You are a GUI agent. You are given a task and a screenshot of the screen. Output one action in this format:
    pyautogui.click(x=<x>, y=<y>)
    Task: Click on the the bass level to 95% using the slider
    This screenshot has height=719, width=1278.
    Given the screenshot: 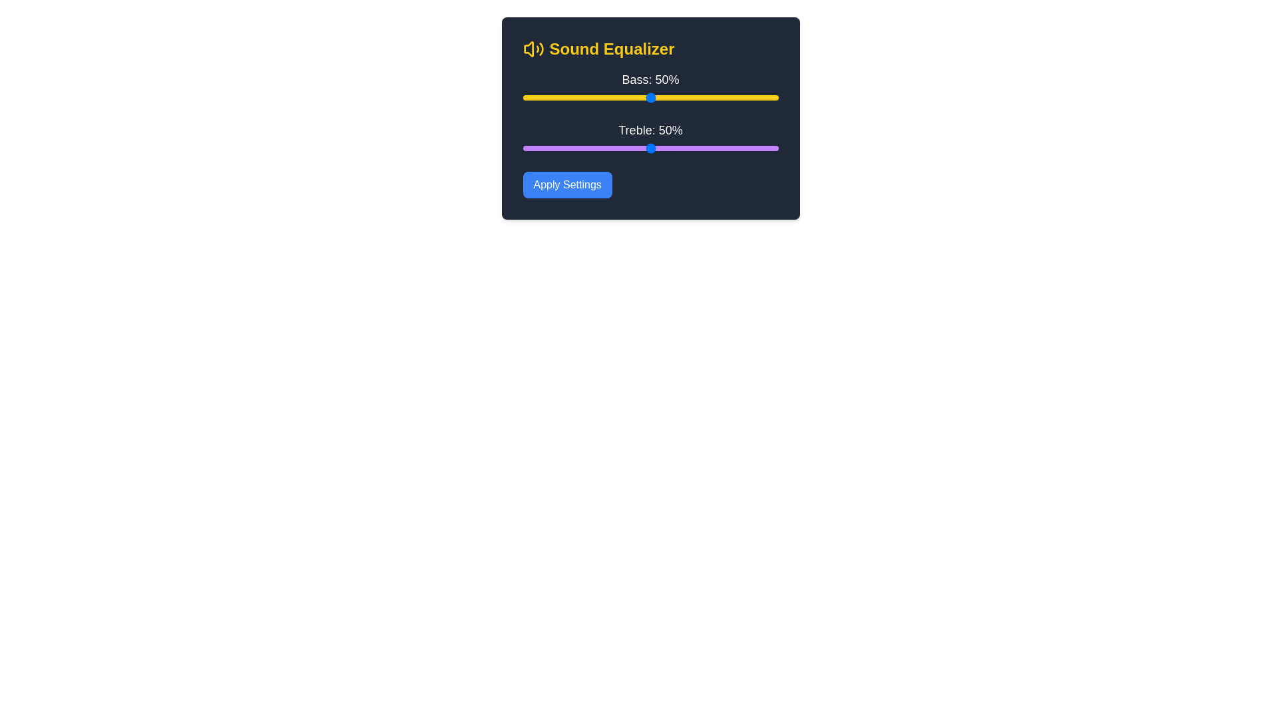 What is the action you would take?
    pyautogui.click(x=765, y=97)
    